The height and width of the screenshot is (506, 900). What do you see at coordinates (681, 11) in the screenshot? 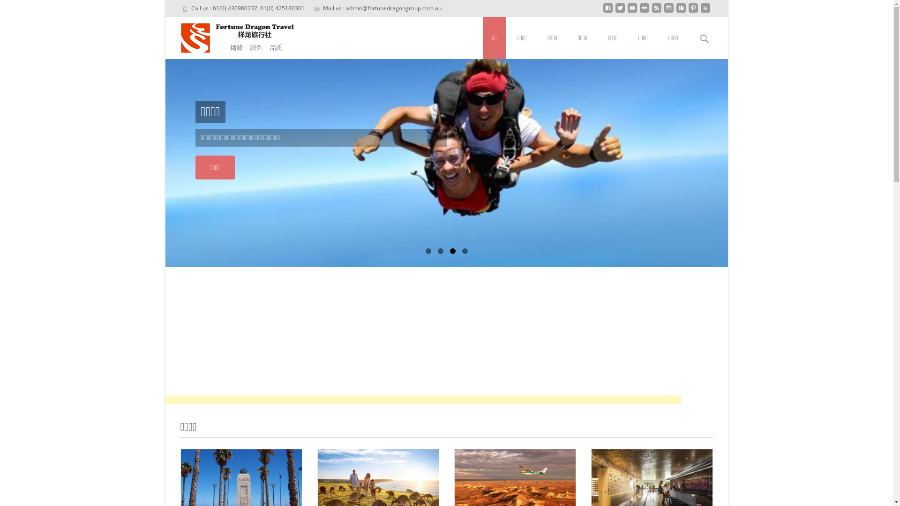
I see `'googleplus'` at bounding box center [681, 11].